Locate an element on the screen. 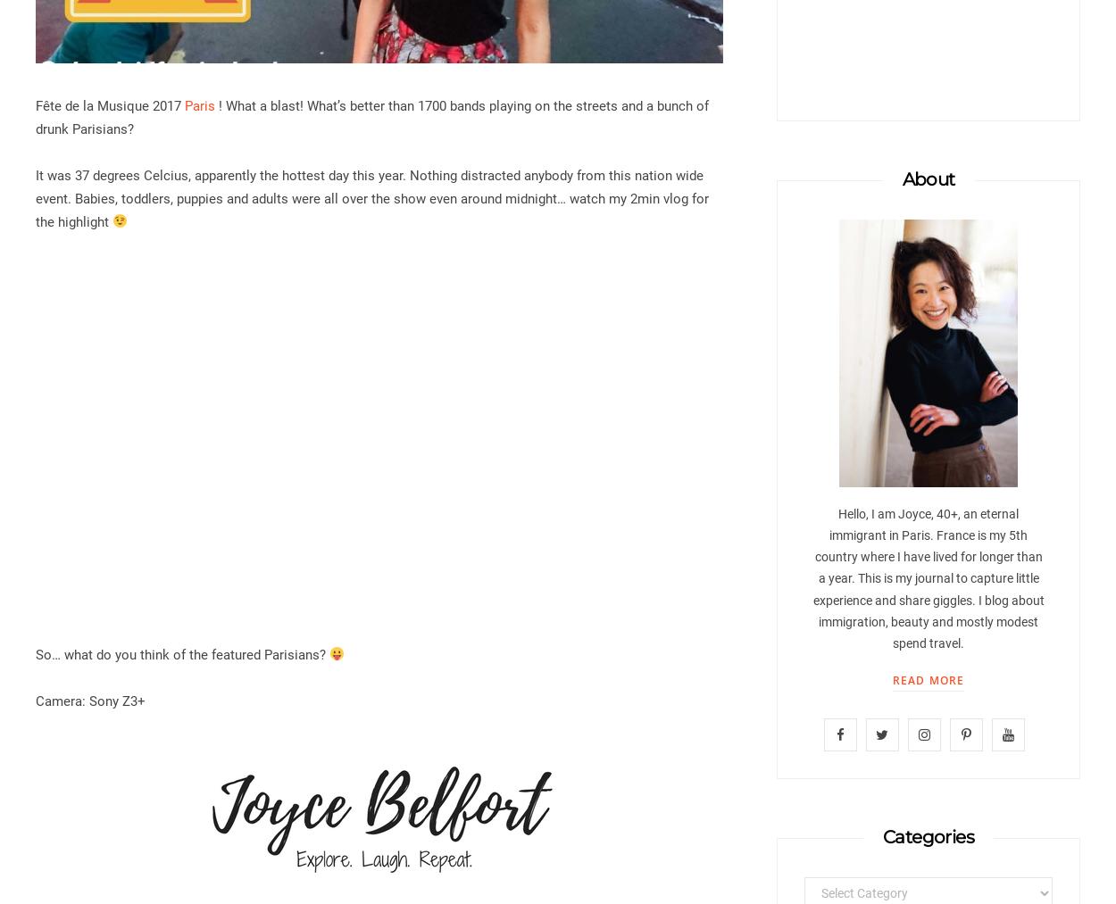 The image size is (1116, 904). 'Camera: Sony Z3+' is located at coordinates (89, 700).